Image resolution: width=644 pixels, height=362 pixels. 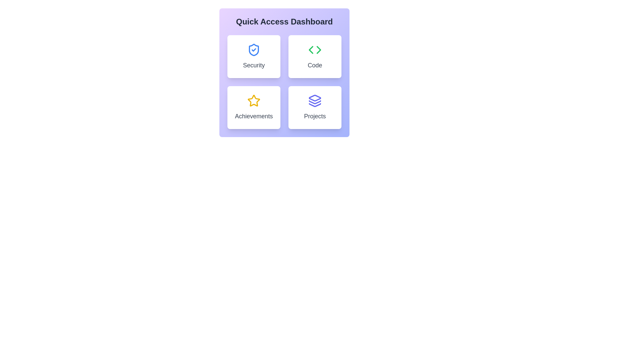 I want to click on the icon representing the 'Projects' section to interact with it, so click(x=315, y=101).